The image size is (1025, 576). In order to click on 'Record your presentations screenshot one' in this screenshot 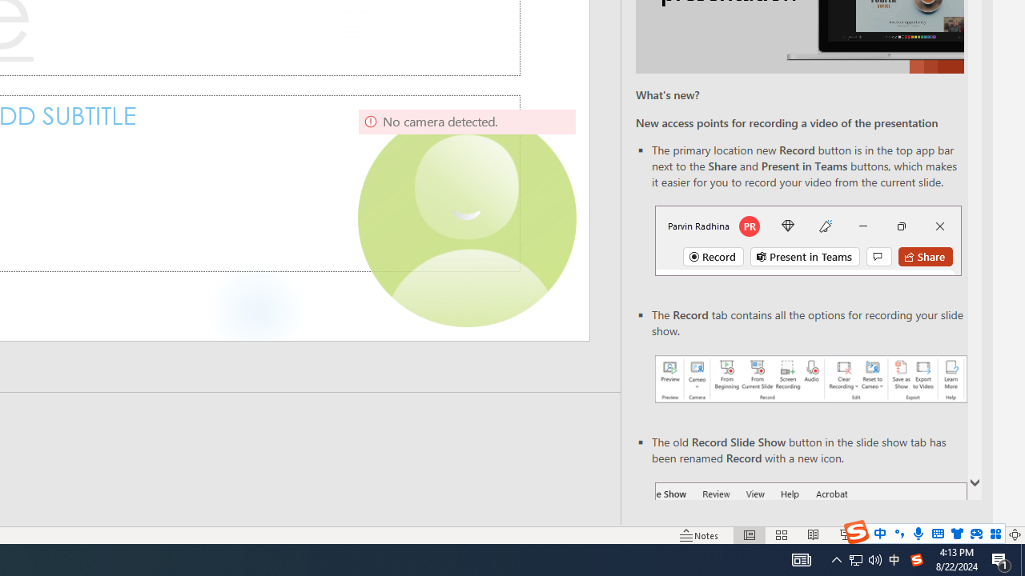, I will do `click(811, 379)`.